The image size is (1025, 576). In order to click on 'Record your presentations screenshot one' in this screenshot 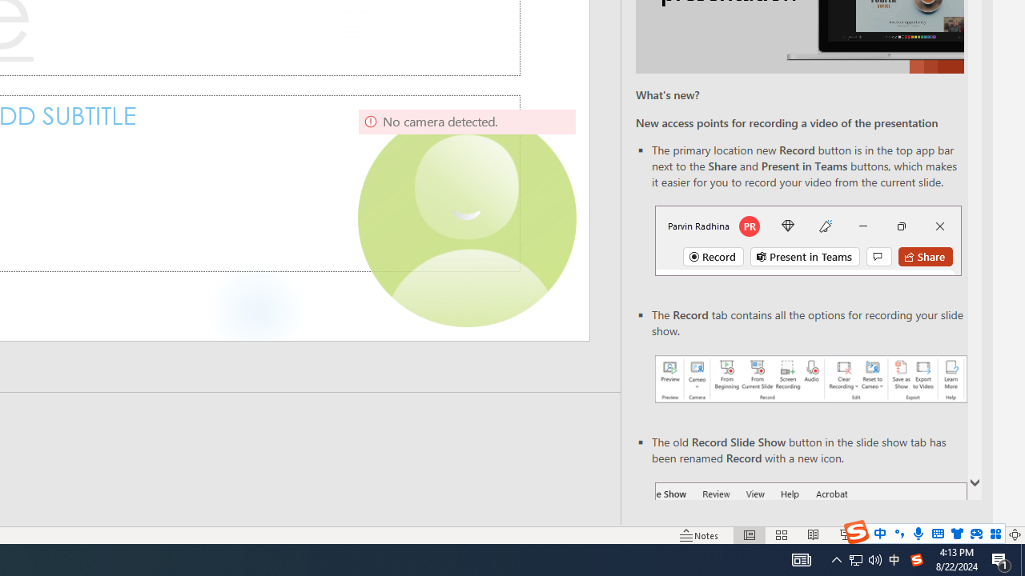, I will do `click(811, 379)`.